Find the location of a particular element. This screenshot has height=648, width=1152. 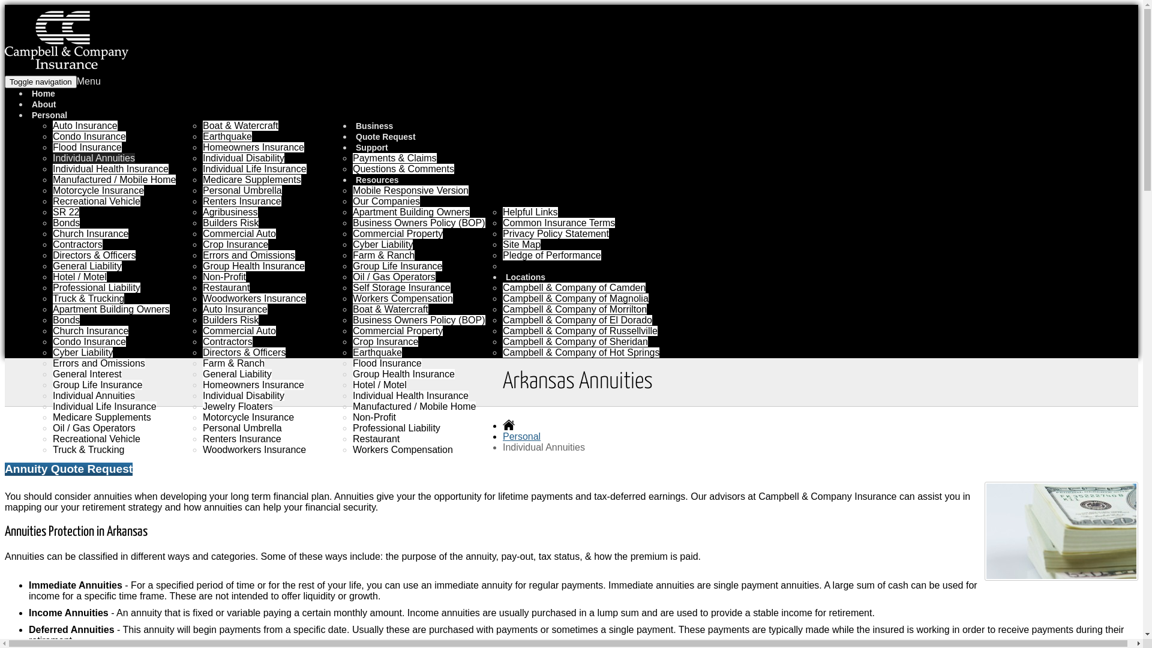

'Truck & Trucking' is located at coordinates (88, 298).